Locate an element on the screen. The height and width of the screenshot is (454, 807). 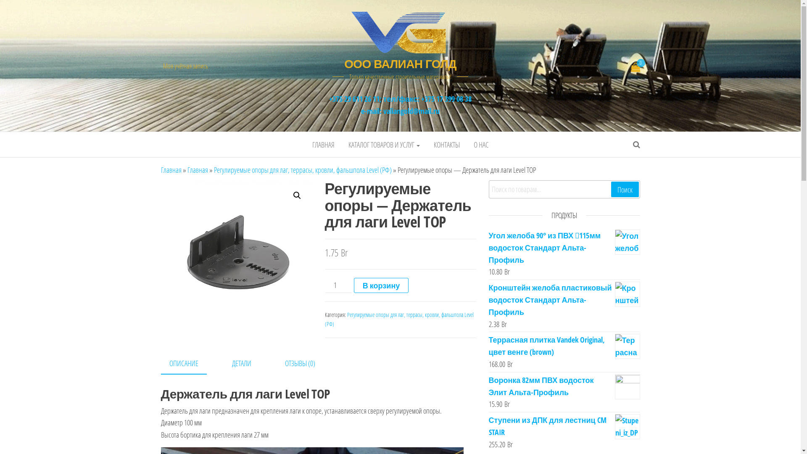
'0' is located at coordinates (636, 67).